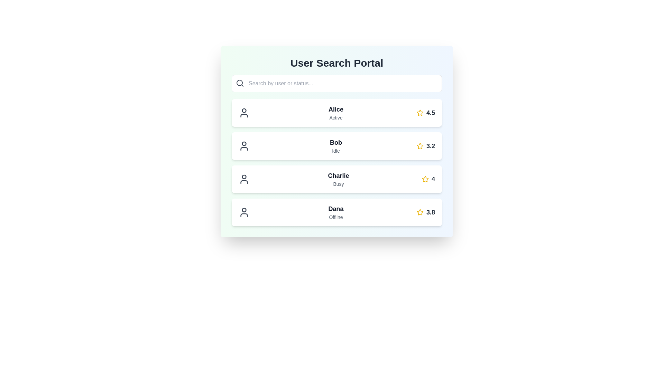 The height and width of the screenshot is (373, 664). What do you see at coordinates (425, 179) in the screenshot?
I see `the golden star-shaped icon with a red border located` at bounding box center [425, 179].